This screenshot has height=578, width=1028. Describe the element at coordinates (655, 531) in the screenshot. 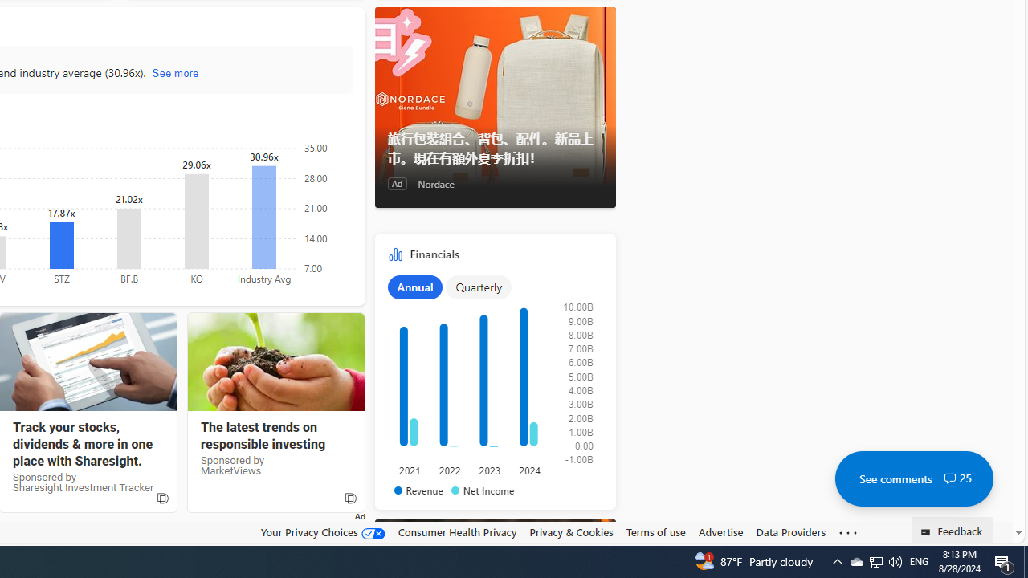

I see `'Terms of use'` at that location.